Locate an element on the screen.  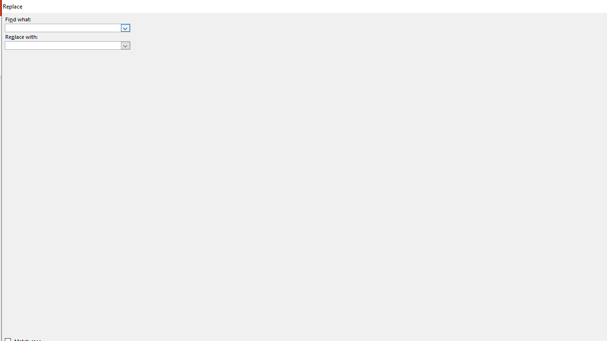
'Find what' is located at coordinates (67, 27).